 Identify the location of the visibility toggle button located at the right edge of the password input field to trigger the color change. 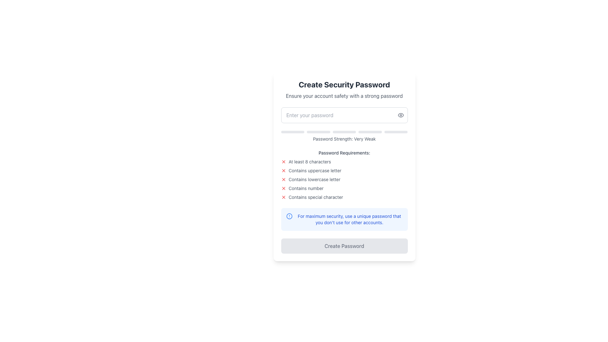
(400, 115).